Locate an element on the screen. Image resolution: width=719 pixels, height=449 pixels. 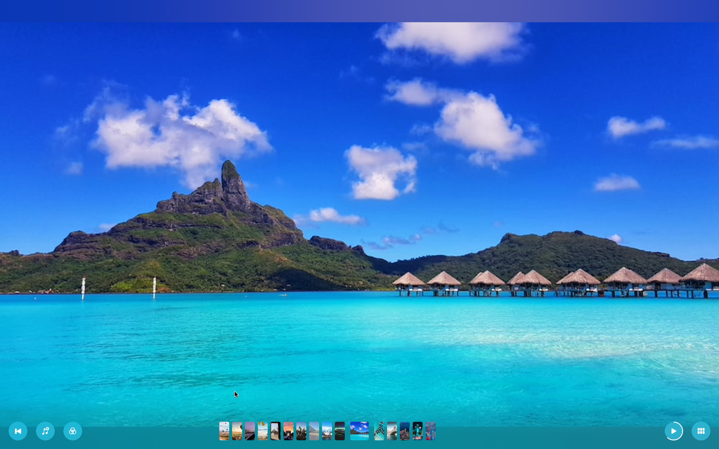
the starting point of the slideshow and put it on hold is located at coordinates (18, 431).